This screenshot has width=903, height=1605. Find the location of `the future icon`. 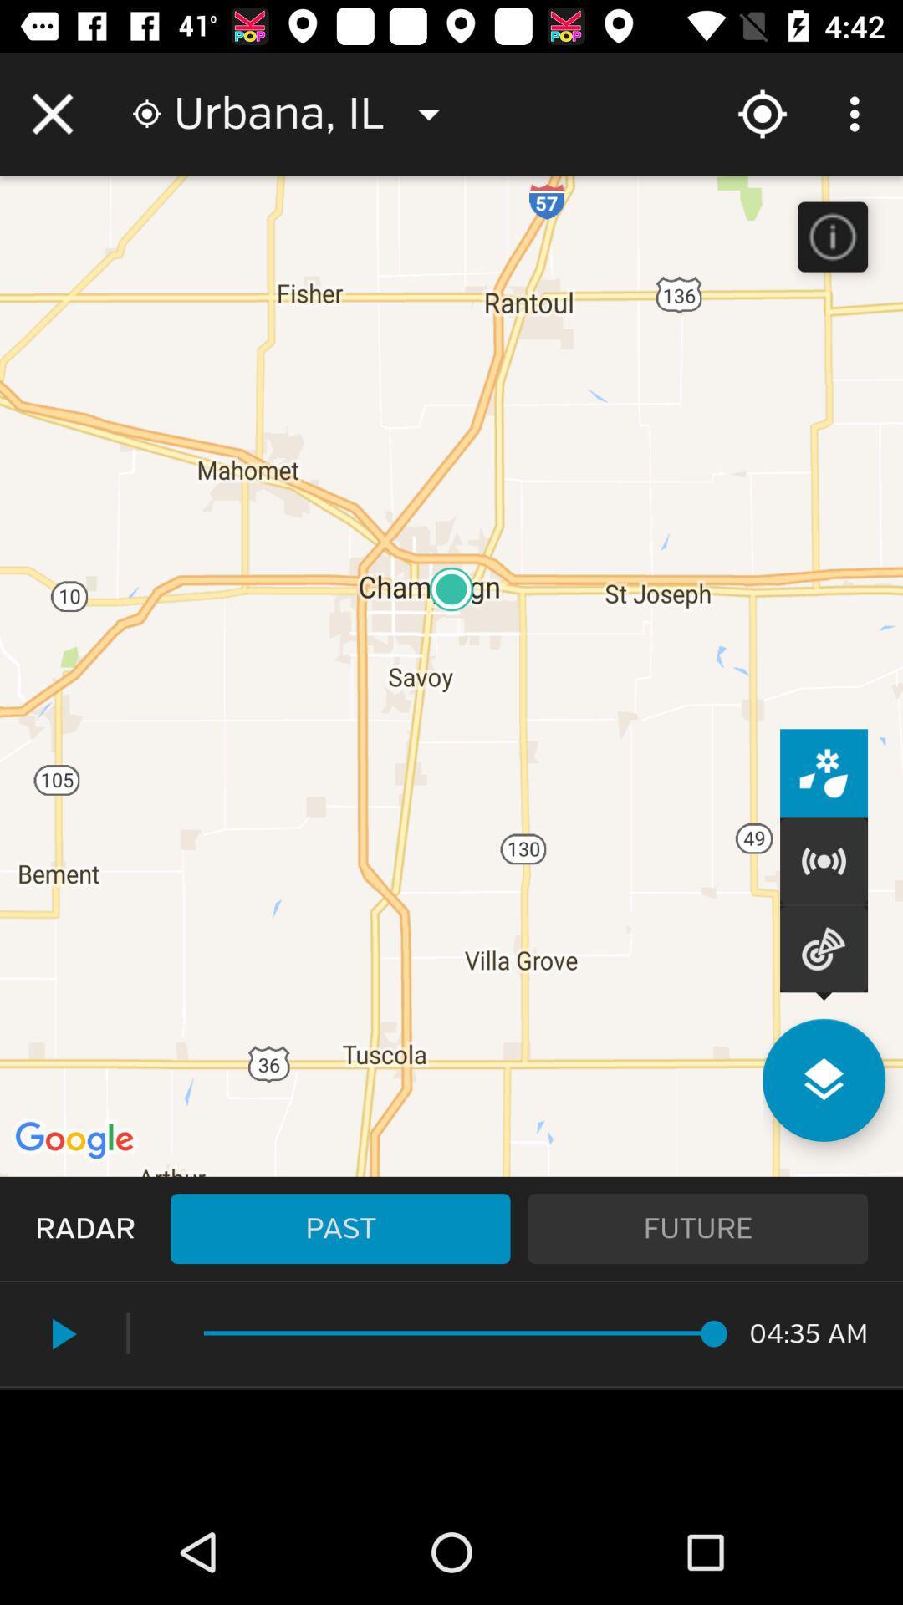

the future icon is located at coordinates (697, 1228).